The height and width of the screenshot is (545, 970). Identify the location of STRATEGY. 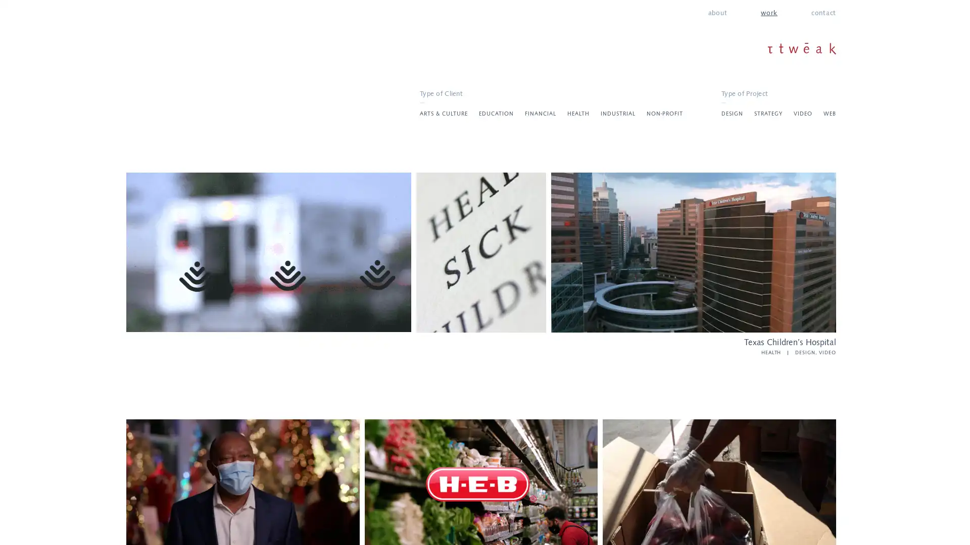
(768, 114).